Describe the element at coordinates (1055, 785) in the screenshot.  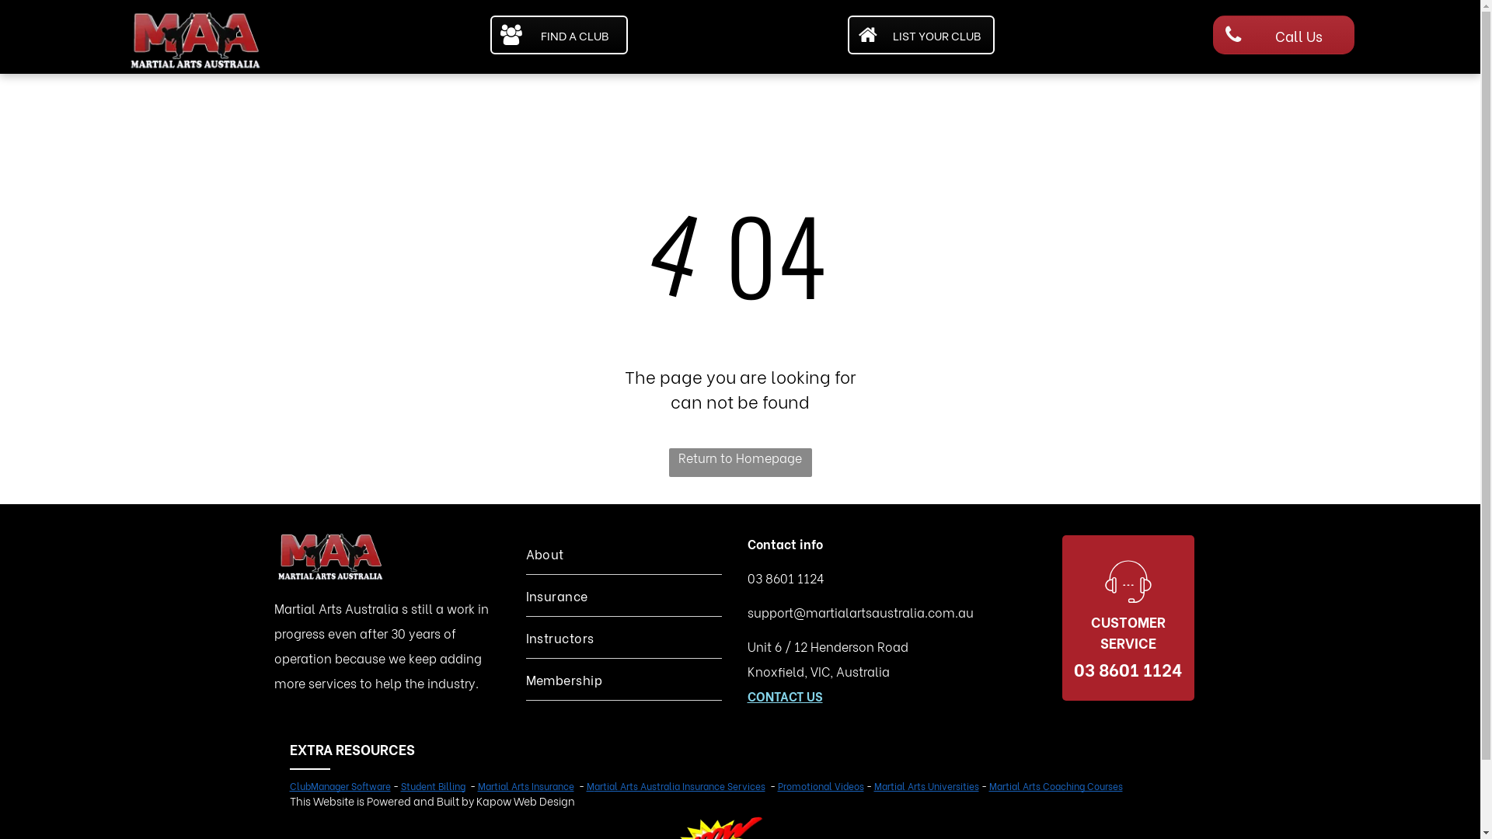
I see `'Martial Arts Coaching Courses'` at that location.